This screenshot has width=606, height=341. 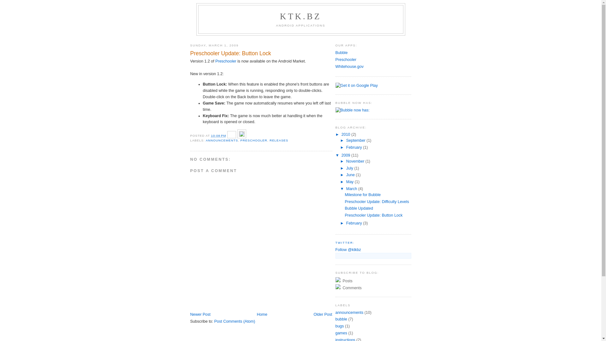 What do you see at coordinates (323, 314) in the screenshot?
I see `'Older Post'` at bounding box center [323, 314].